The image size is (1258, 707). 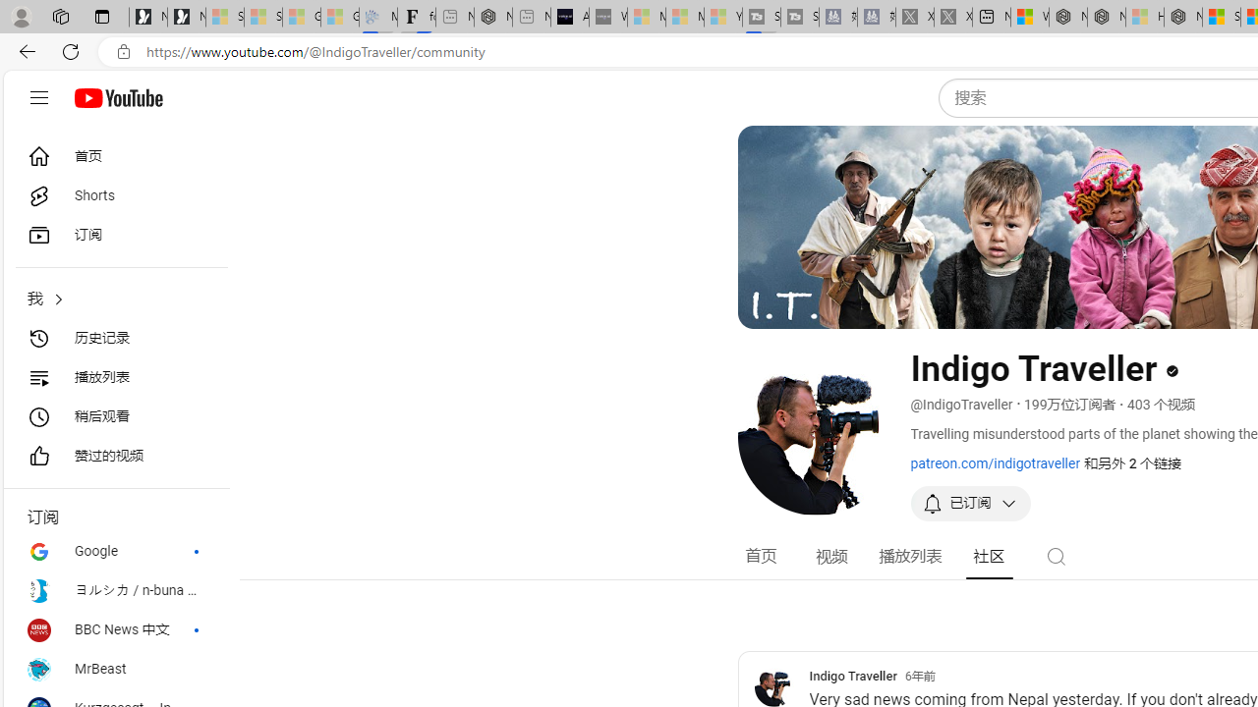 I want to click on 'MrBeast', so click(x=114, y=668).